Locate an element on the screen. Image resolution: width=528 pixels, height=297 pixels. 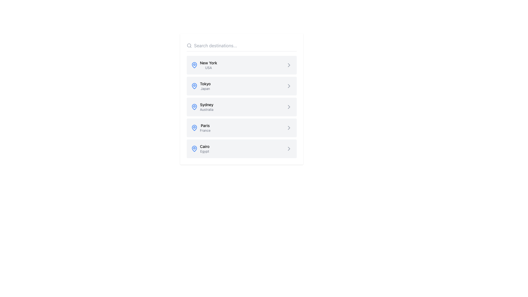
the smaller circular graphic shape representing the search icon's magnifying lens located at the top-left corner of the interface is located at coordinates (189, 45).